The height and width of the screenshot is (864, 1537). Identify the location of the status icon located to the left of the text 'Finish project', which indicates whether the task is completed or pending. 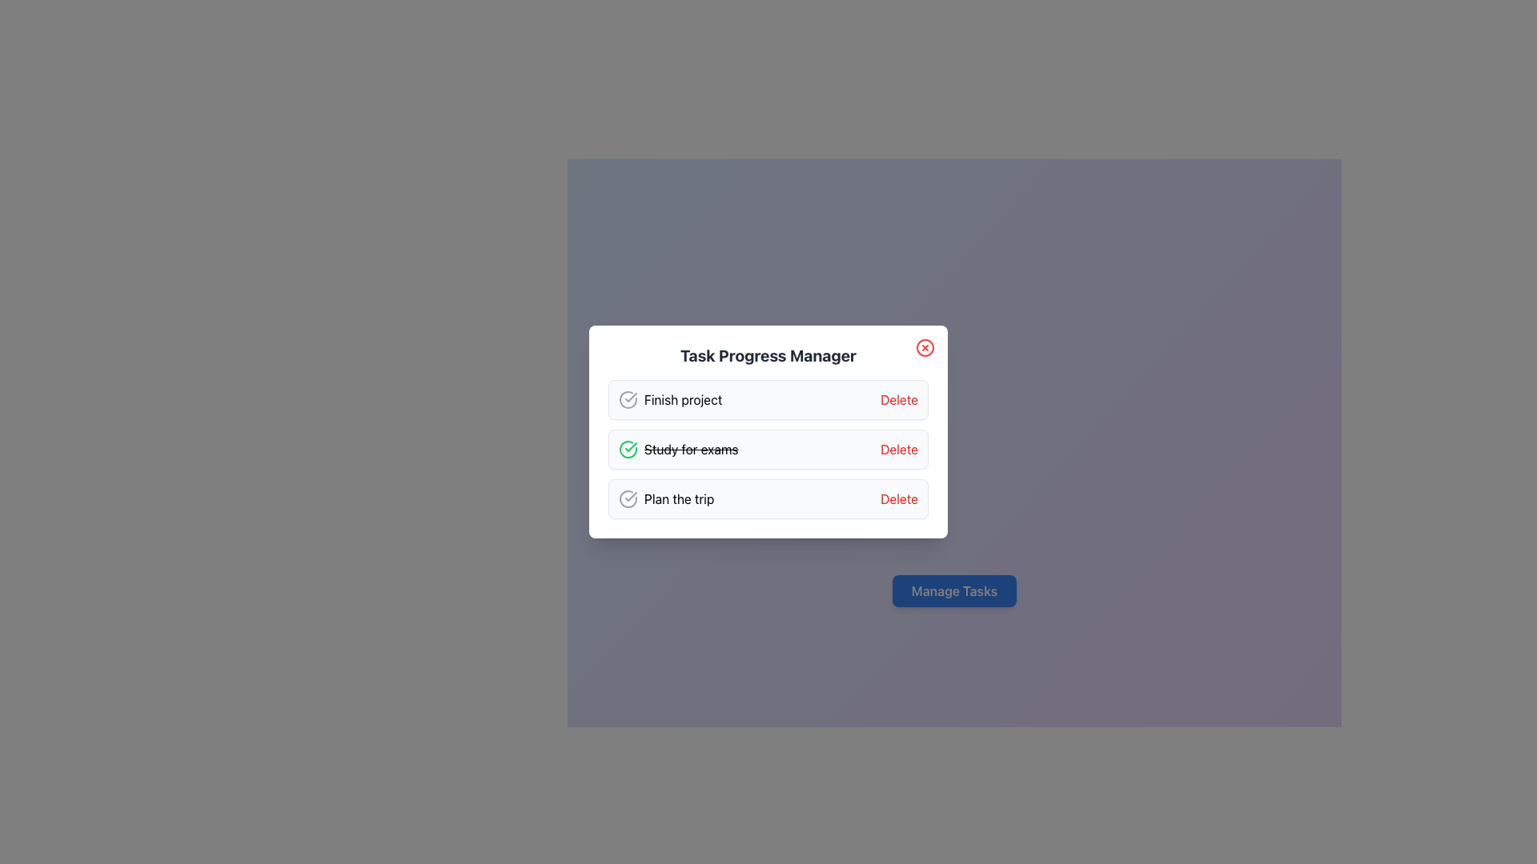
(628, 399).